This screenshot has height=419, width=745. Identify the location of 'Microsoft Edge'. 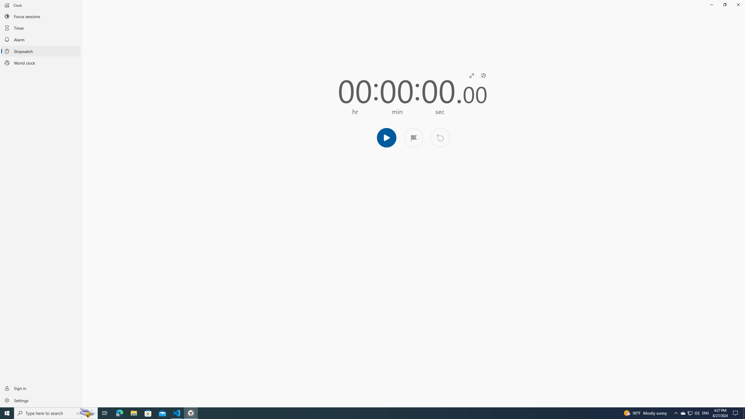
(119, 413).